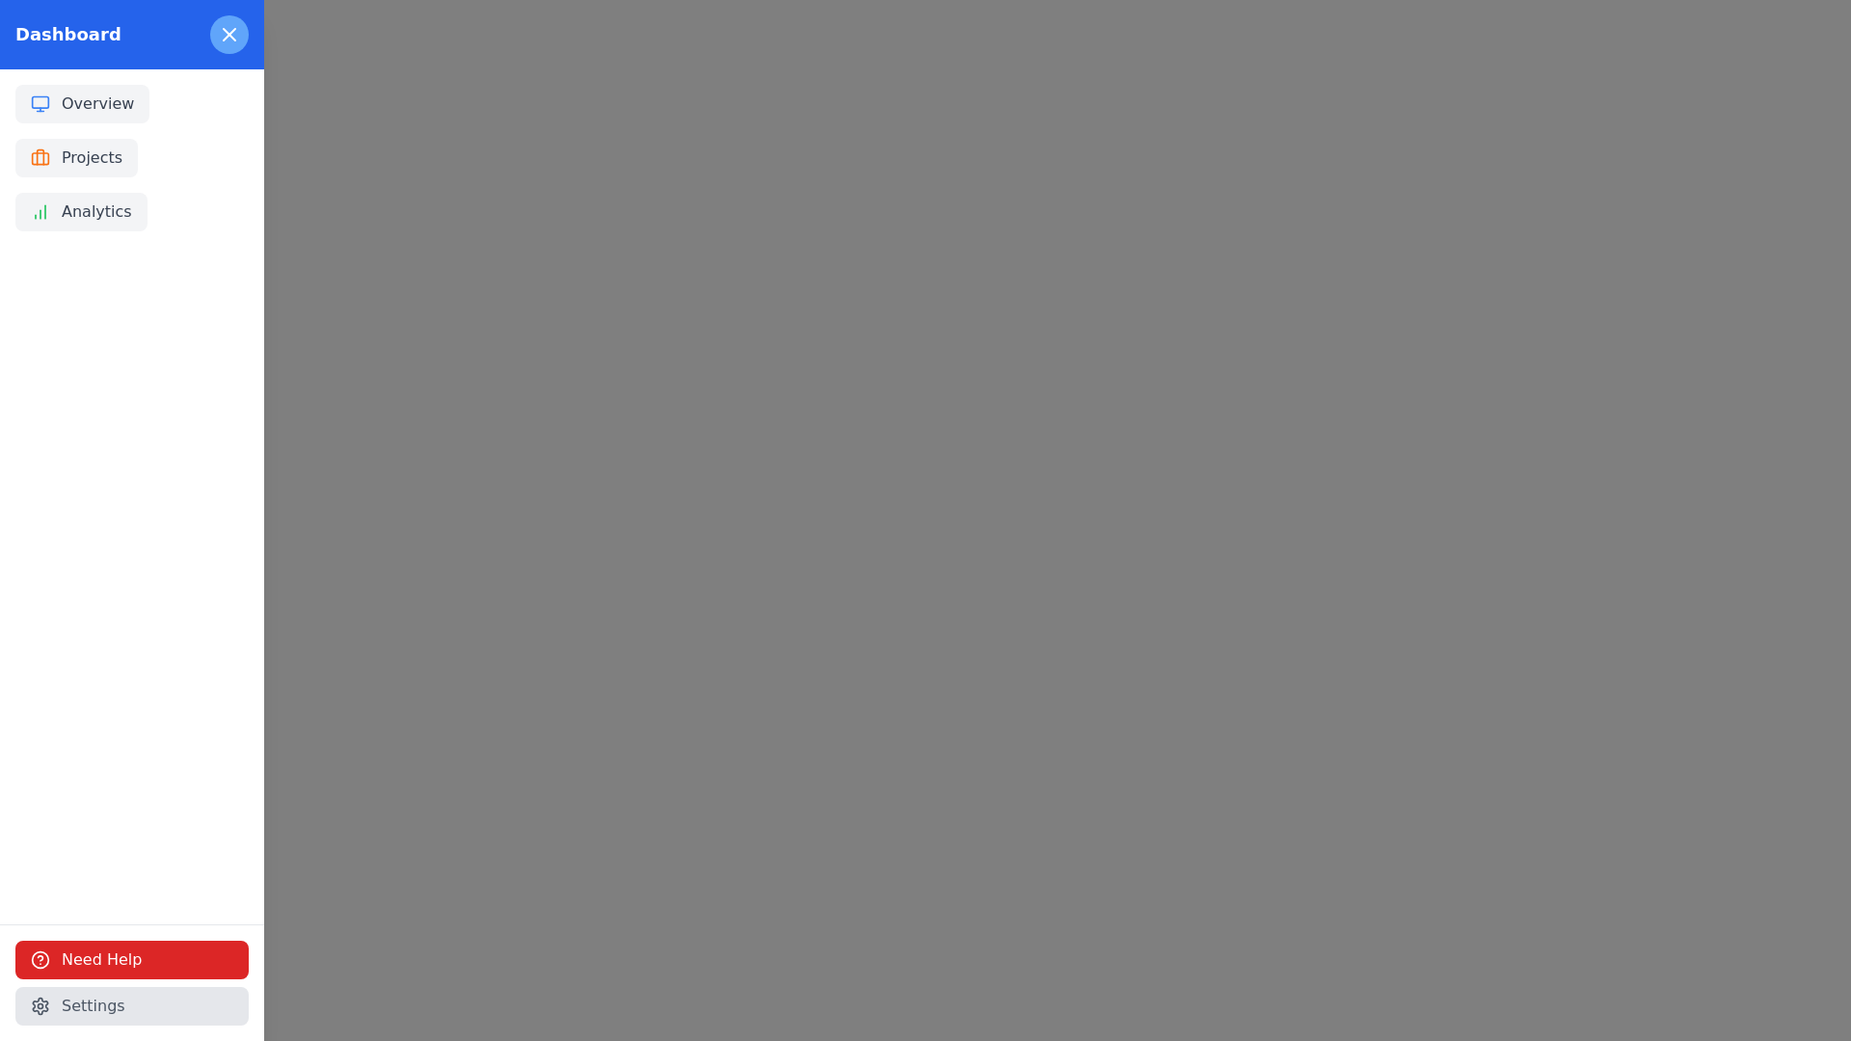 The width and height of the screenshot is (1851, 1041). What do you see at coordinates (81, 104) in the screenshot?
I see `the first button in the vertical navigation menu on the left side of the interface` at bounding box center [81, 104].